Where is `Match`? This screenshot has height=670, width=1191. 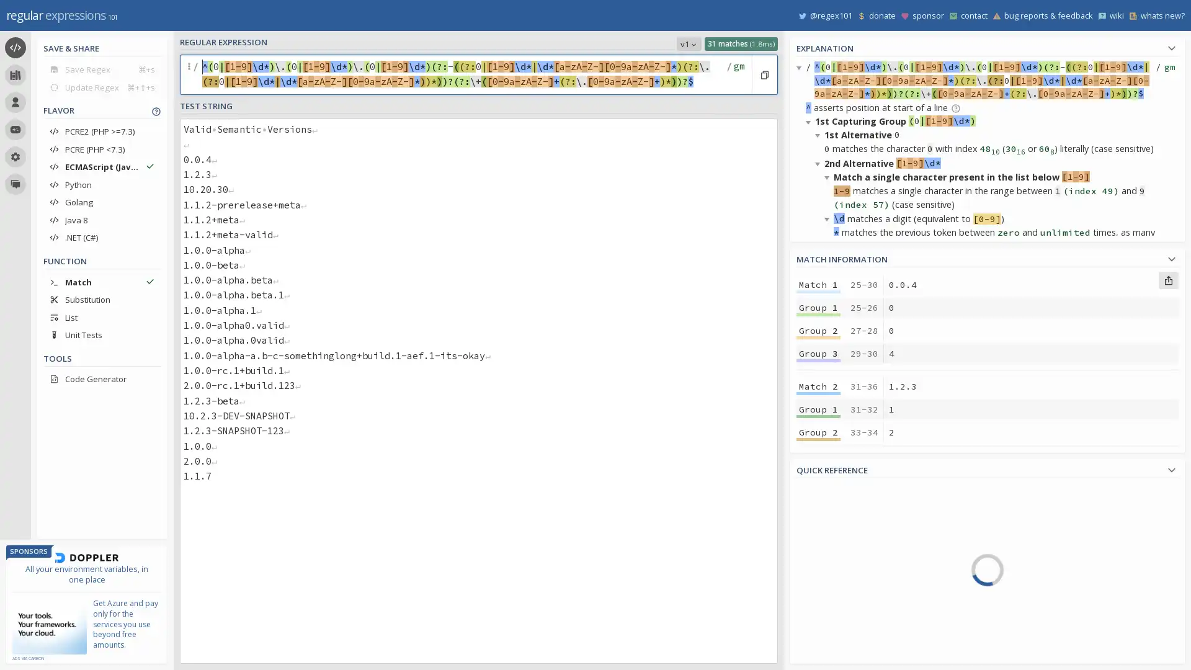 Match is located at coordinates (102, 282).